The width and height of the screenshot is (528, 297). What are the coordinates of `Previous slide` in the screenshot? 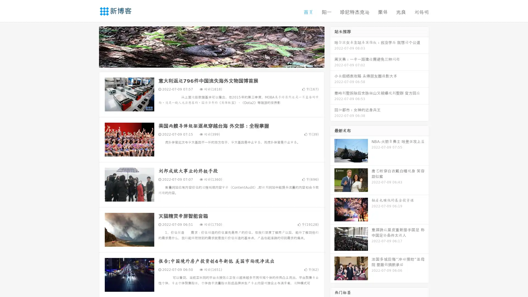 It's located at (91, 46).